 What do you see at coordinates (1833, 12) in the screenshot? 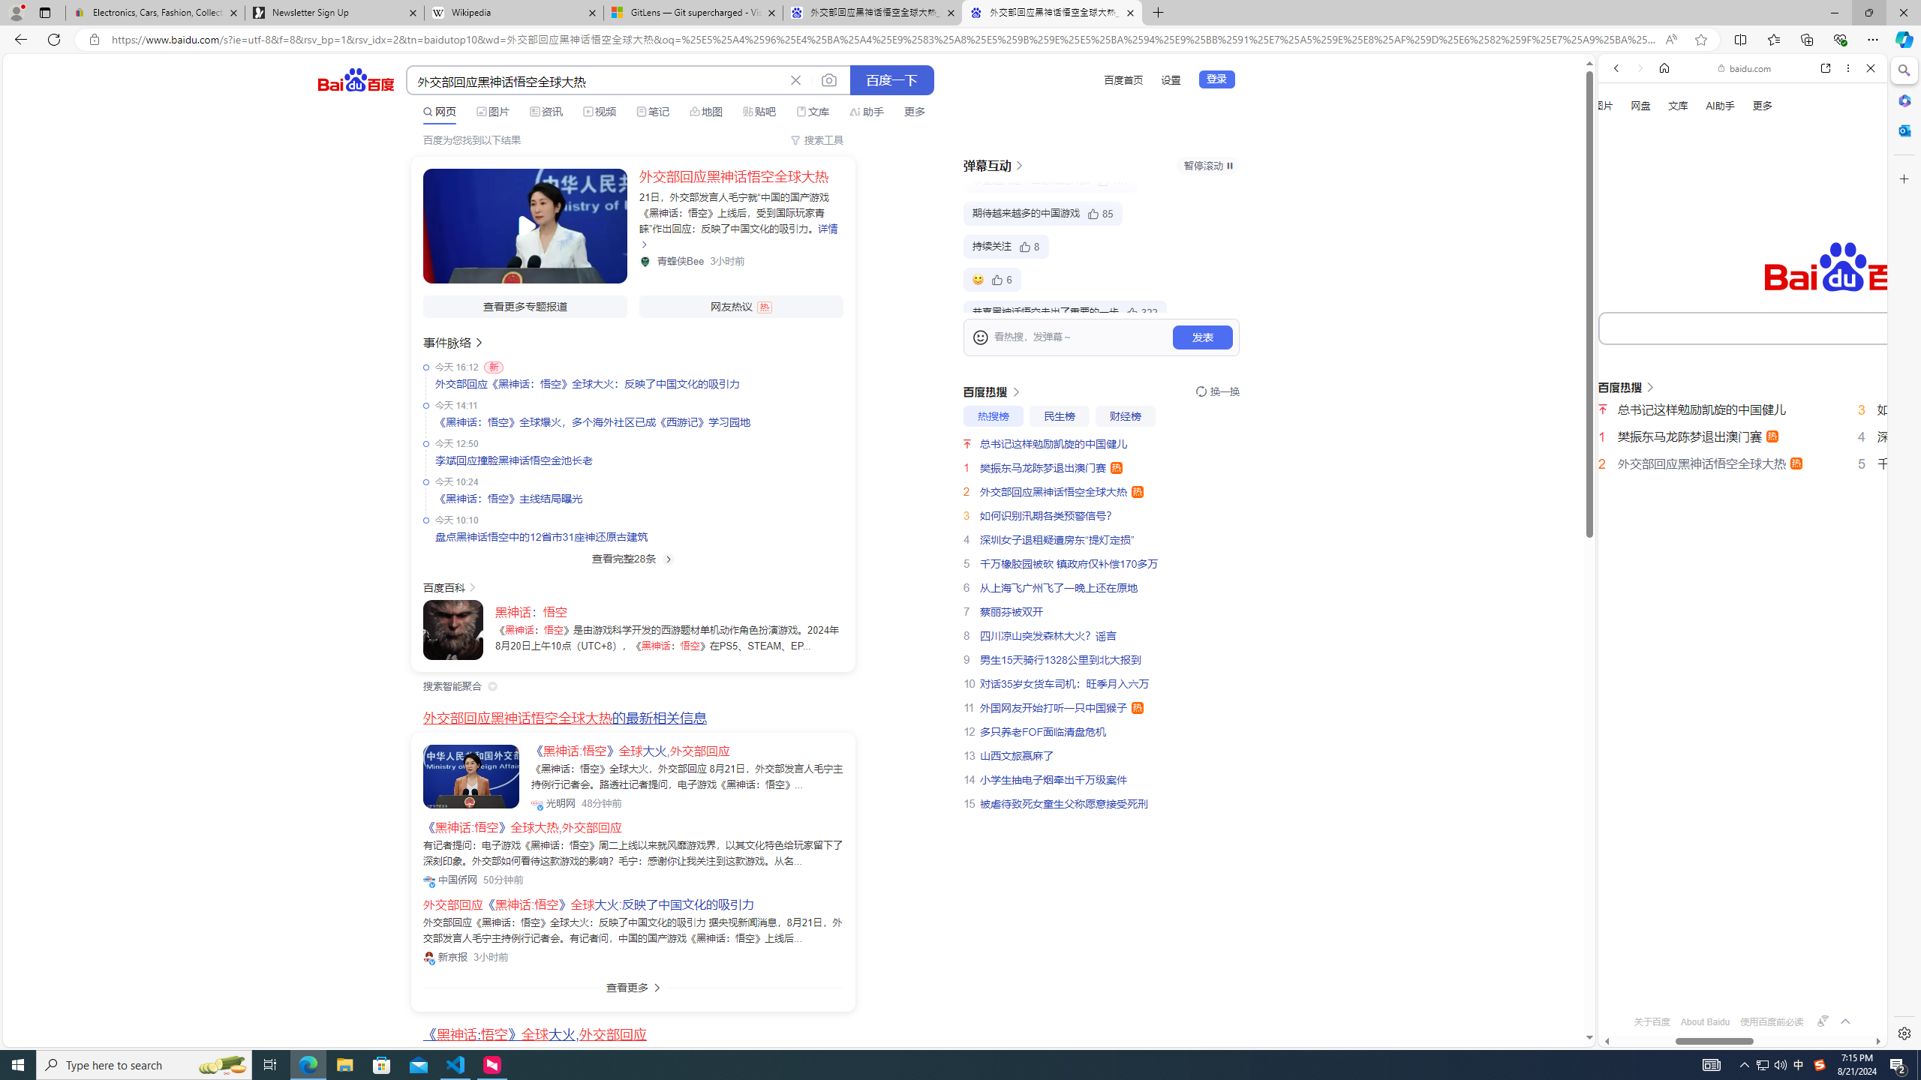
I see `'Minimize'` at bounding box center [1833, 12].